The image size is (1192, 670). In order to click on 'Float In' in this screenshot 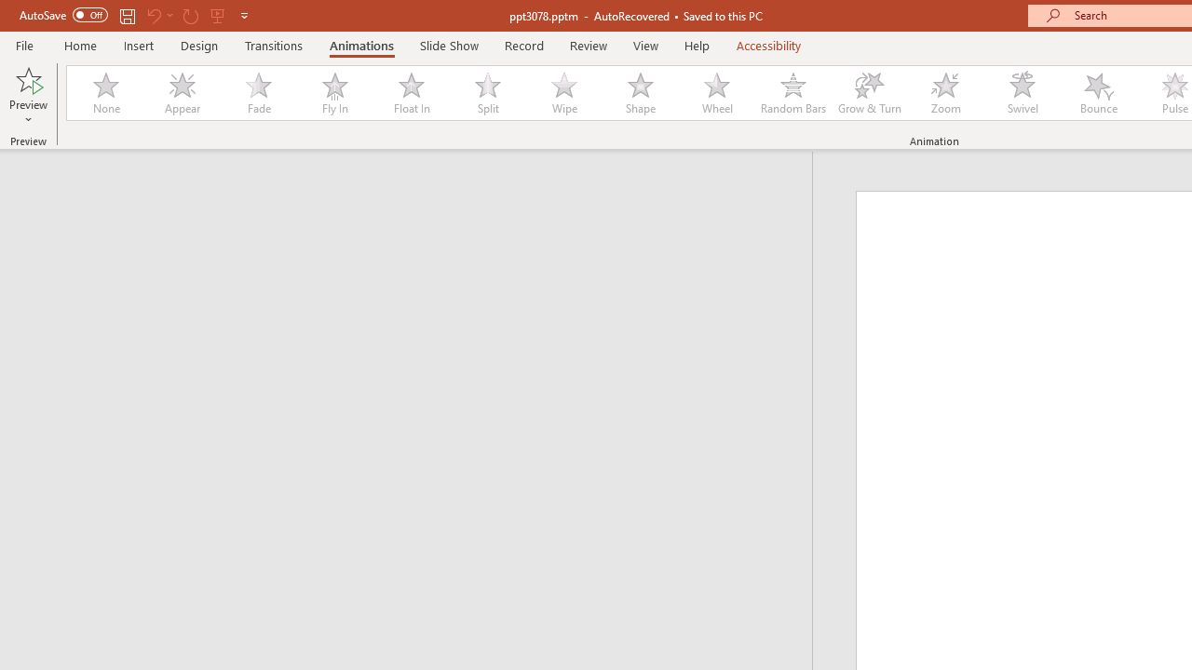, I will do `click(410, 93)`.